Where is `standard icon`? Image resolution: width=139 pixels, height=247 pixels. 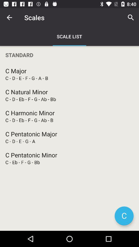 standard icon is located at coordinates (69, 55).